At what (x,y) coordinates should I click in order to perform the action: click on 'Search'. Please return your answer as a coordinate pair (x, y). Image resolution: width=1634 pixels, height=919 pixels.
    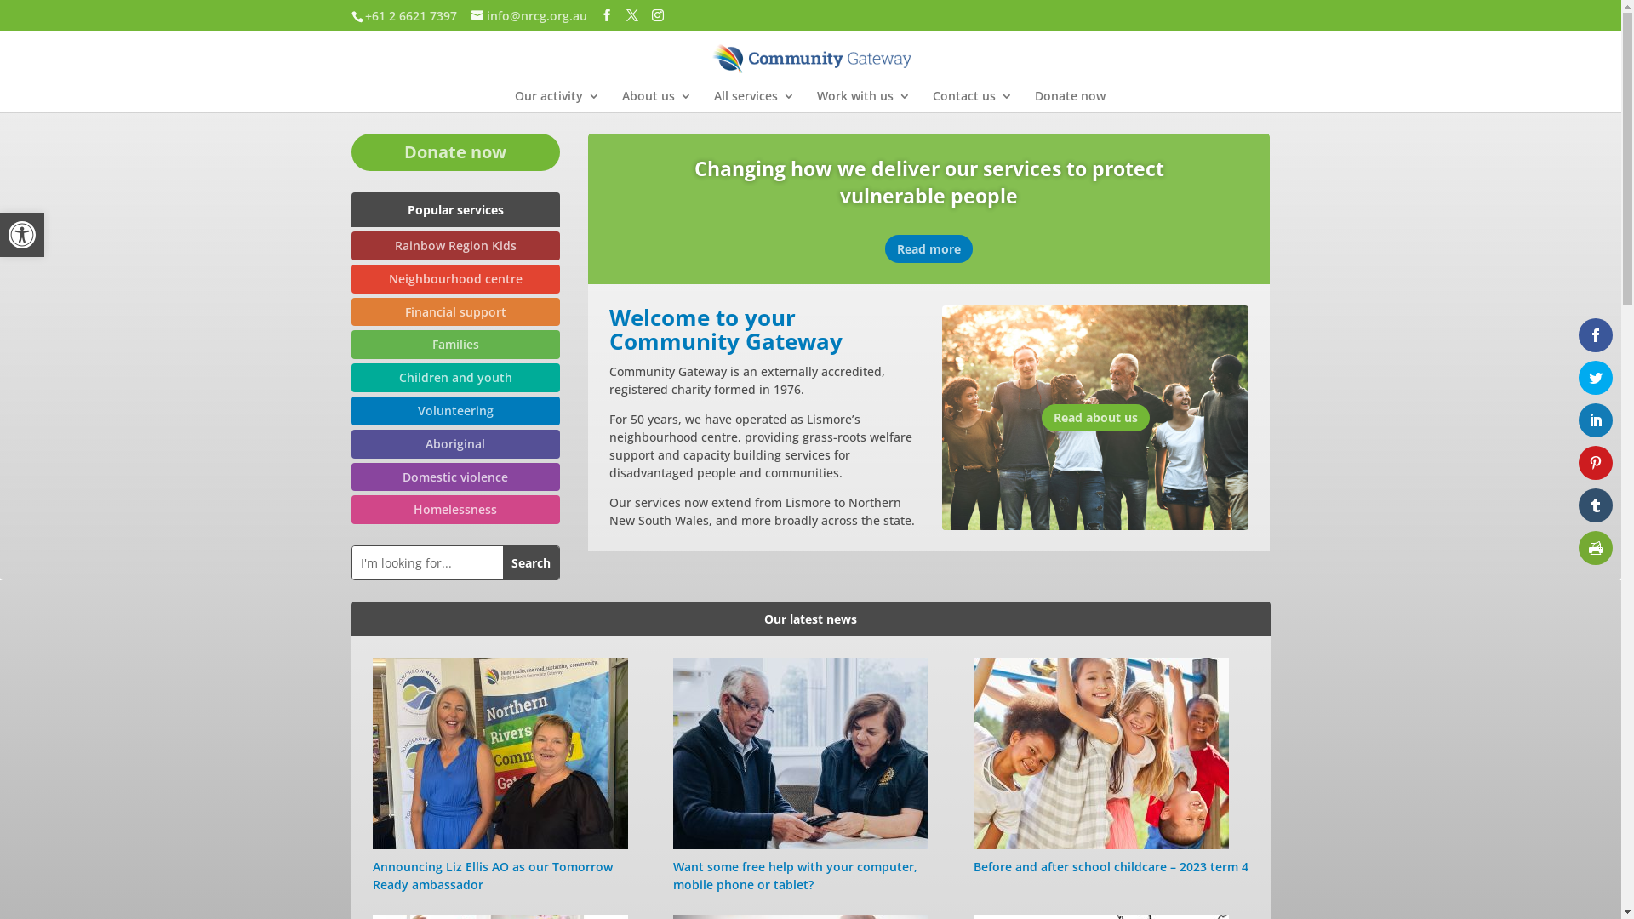
    Looking at the image, I should click on (530, 562).